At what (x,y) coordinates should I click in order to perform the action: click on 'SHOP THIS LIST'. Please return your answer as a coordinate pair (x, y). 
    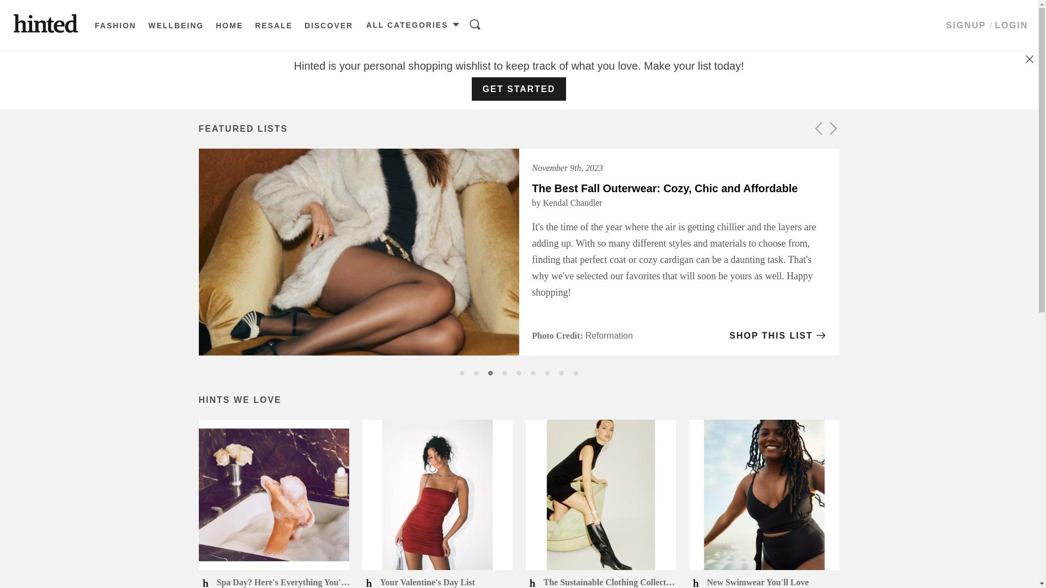
    Looking at the image, I should click on (729, 335).